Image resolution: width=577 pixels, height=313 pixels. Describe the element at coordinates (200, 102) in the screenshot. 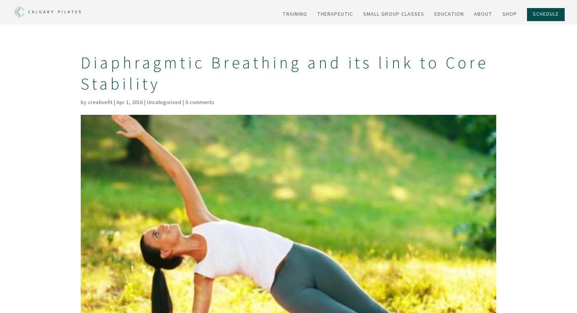

I see `'0 comments'` at that location.